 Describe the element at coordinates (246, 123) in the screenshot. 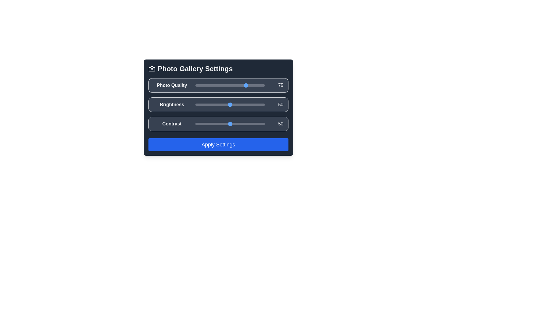

I see `the contrast` at that location.